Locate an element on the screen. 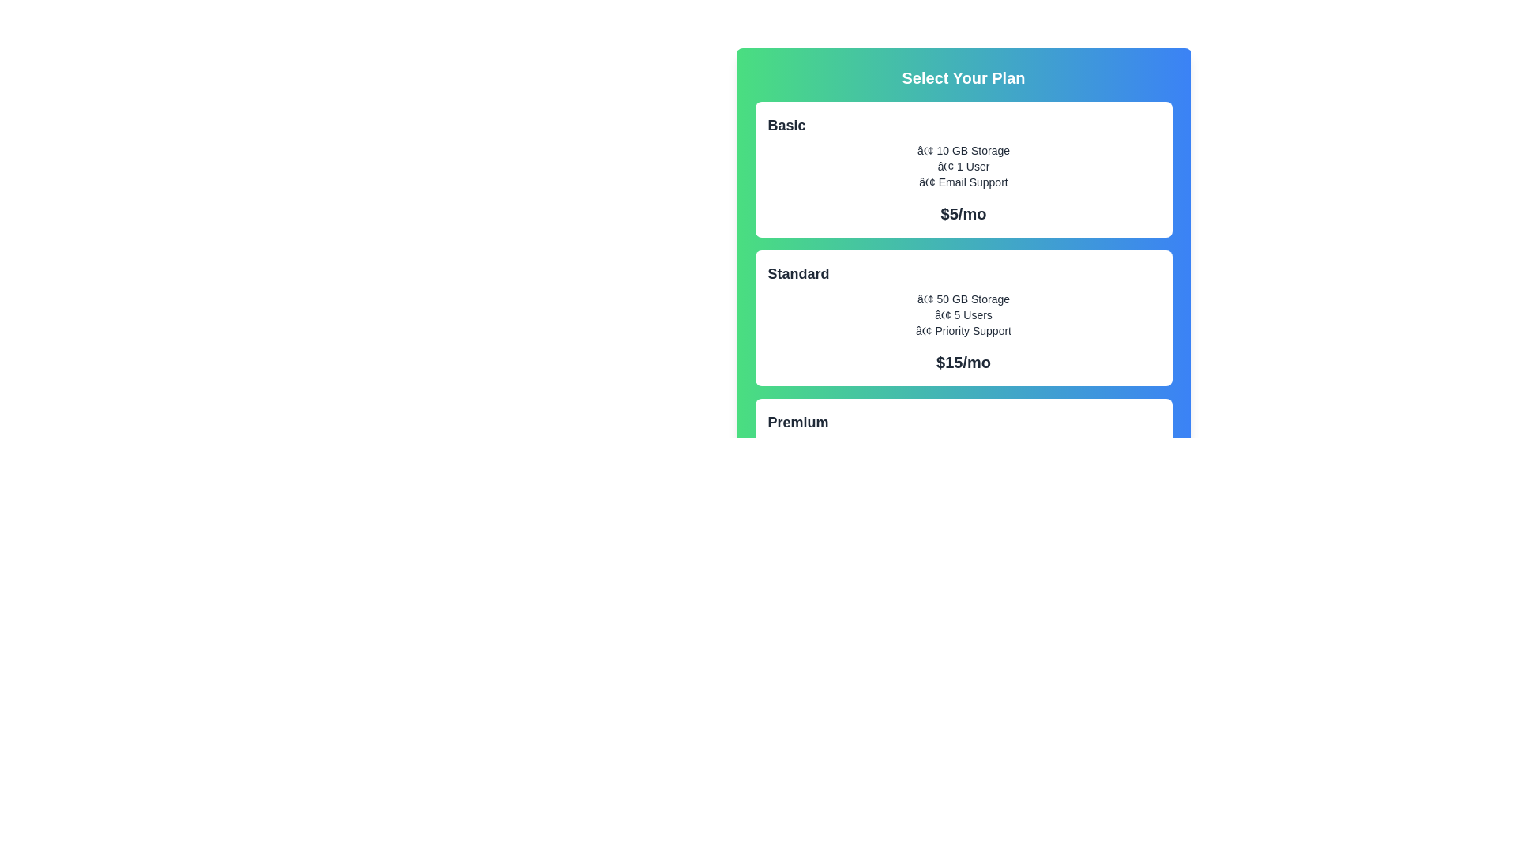 The height and width of the screenshot is (853, 1516). the contents of the text label that displays 'Basic' in bold, larger font, located at the top-left corner of a card layout is located at coordinates (963, 124).